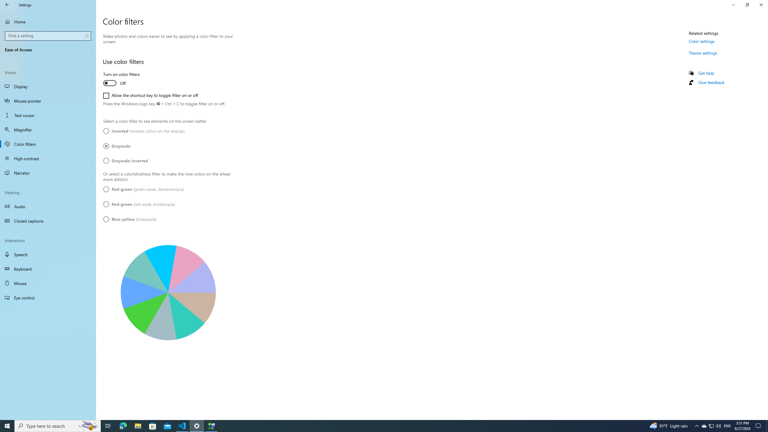 This screenshot has height=432, width=768. Describe the element at coordinates (48, 297) in the screenshot. I see `'Eye control'` at that location.